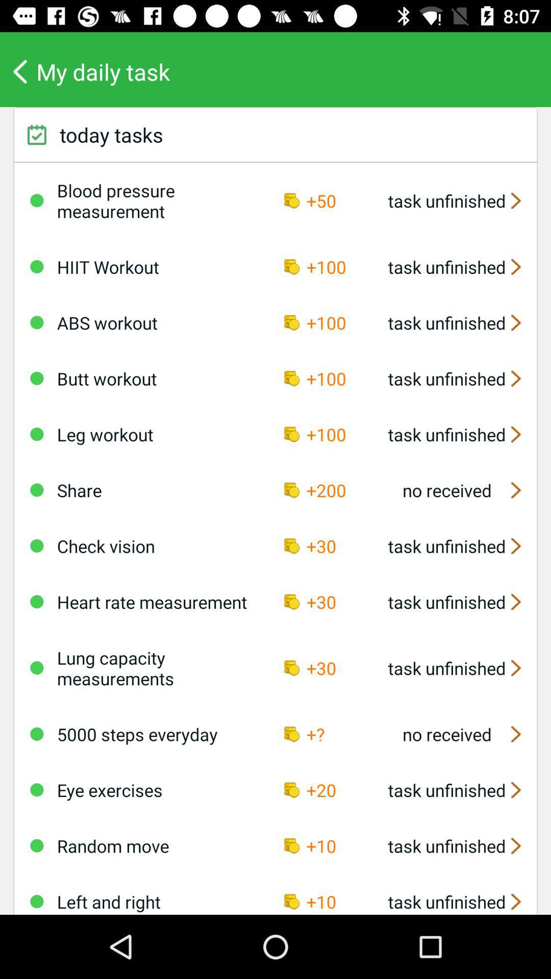 The height and width of the screenshot is (979, 551). What do you see at coordinates (36, 733) in the screenshot?
I see `today 's active task` at bounding box center [36, 733].